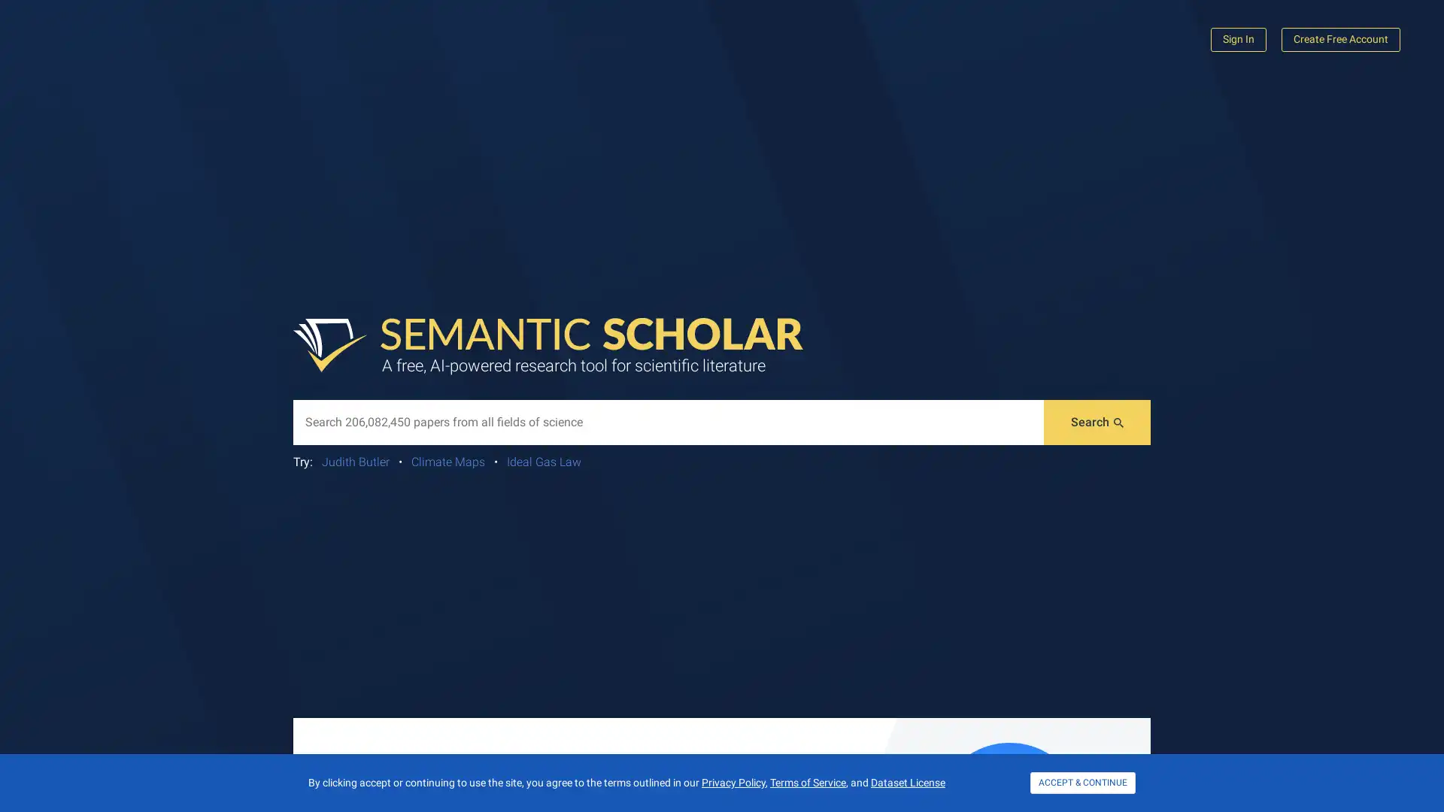 This screenshot has height=812, width=1444. What do you see at coordinates (1083, 782) in the screenshot?
I see `ACCEPT & CONTINUE` at bounding box center [1083, 782].